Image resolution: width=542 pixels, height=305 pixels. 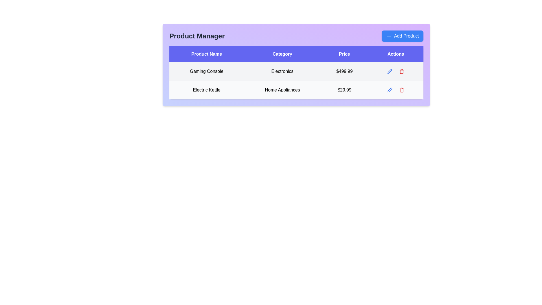 I want to click on the text label displaying 'Home Appliances', which is centrally aligned within its cell in the second row of the table under the 'Category' column, so click(x=282, y=90).